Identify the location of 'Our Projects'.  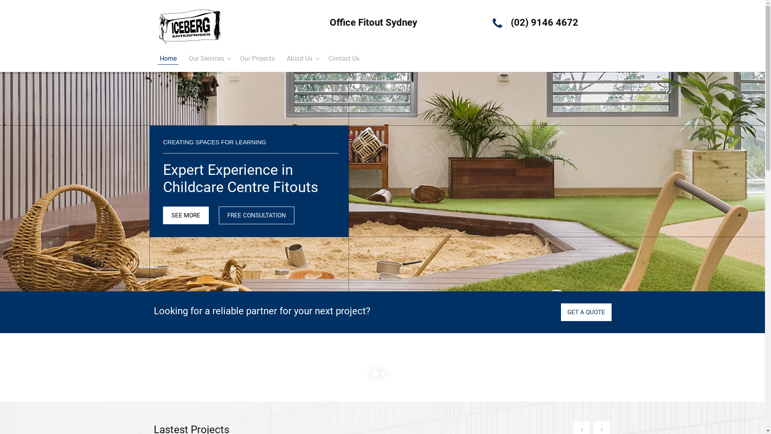
(257, 58).